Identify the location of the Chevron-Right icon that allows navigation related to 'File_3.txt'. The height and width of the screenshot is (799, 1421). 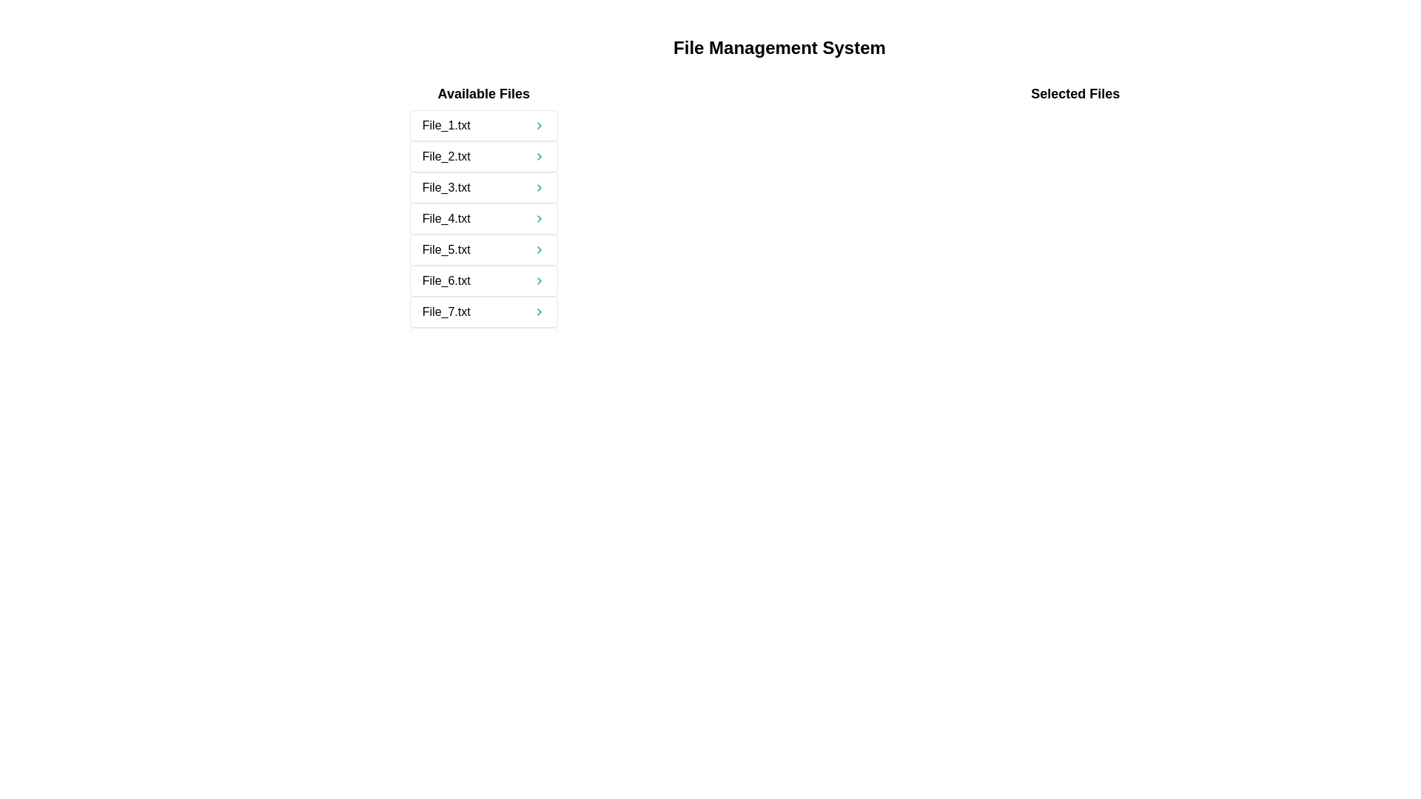
(538, 187).